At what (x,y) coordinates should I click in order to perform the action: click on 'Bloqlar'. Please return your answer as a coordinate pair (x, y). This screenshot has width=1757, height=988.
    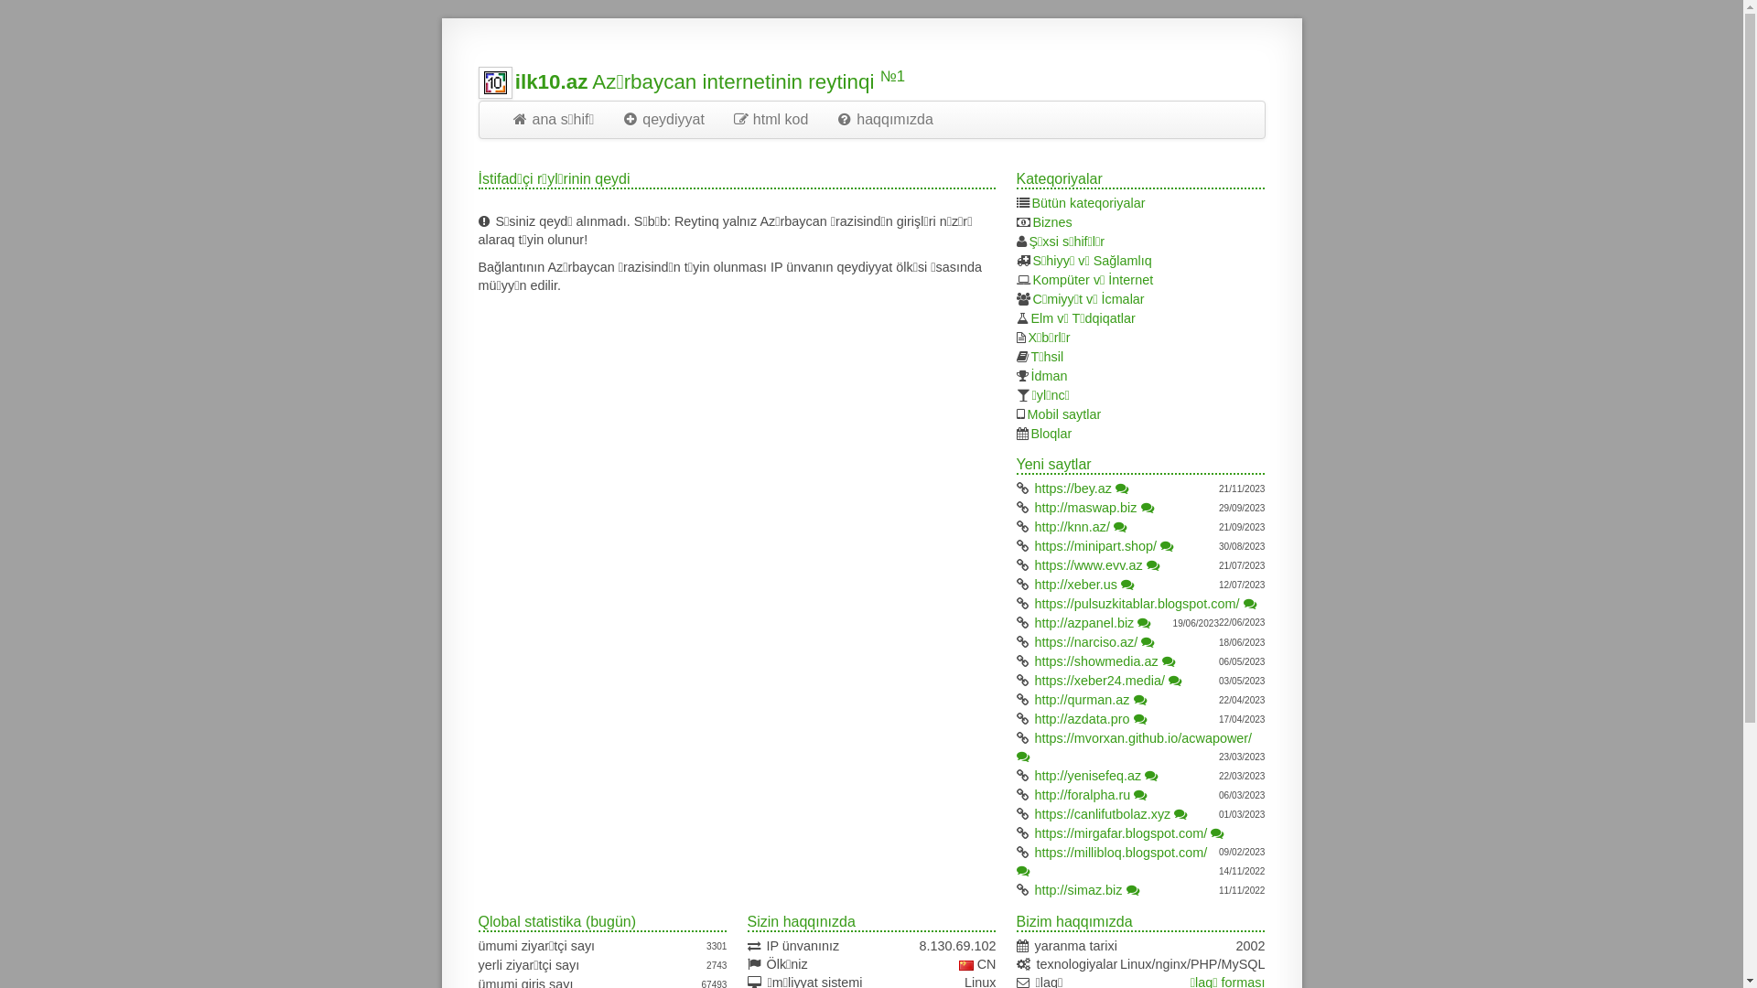
    Looking at the image, I should click on (1051, 434).